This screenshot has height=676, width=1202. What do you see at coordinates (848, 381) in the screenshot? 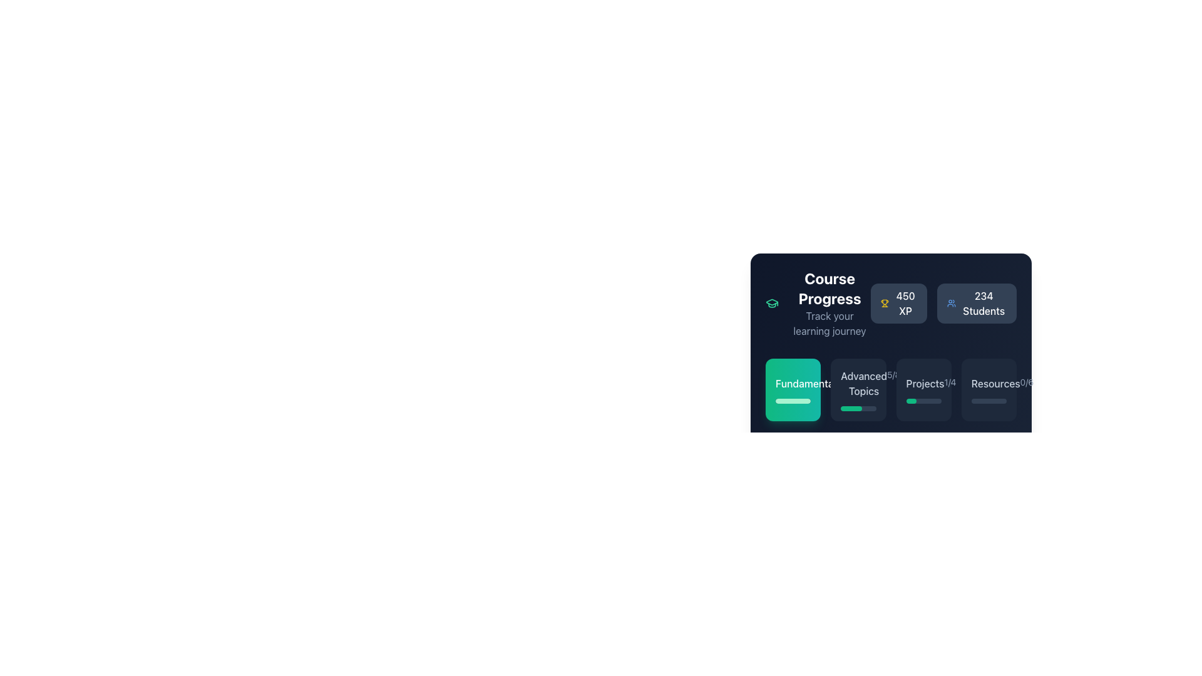
I see `the text label '5/5' styled with a small-sized font and light emerald color, located to the right of 'Fundamentals' in the 'Course Progress' section` at bounding box center [848, 381].